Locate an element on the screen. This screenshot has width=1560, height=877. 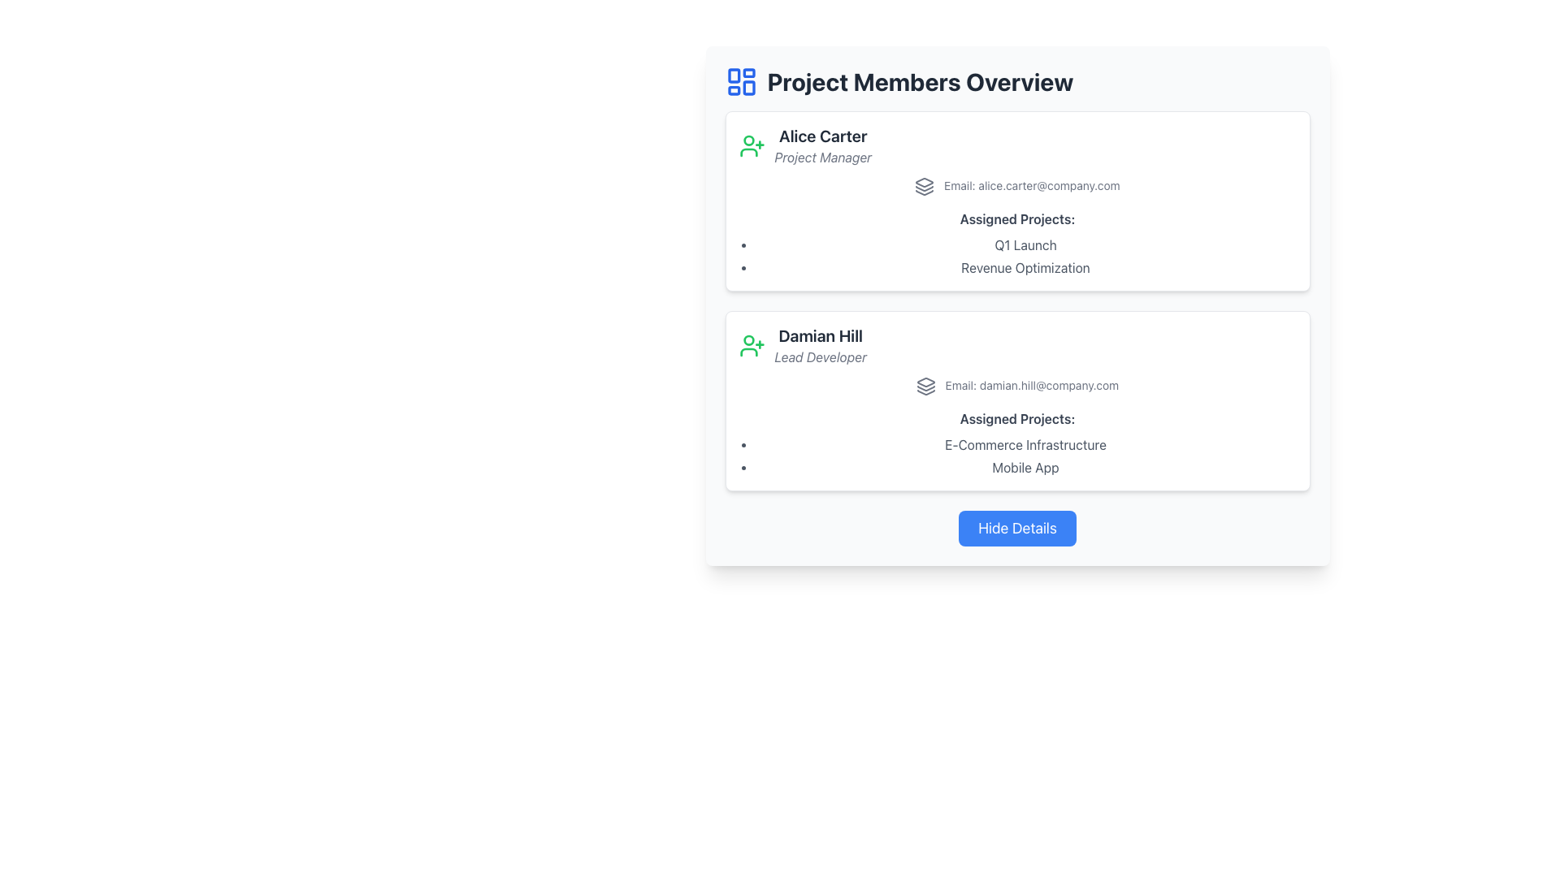
the third rectangular decorative icon component within the SVG graphic located in the top-left corner of the interface is located at coordinates (747, 88).